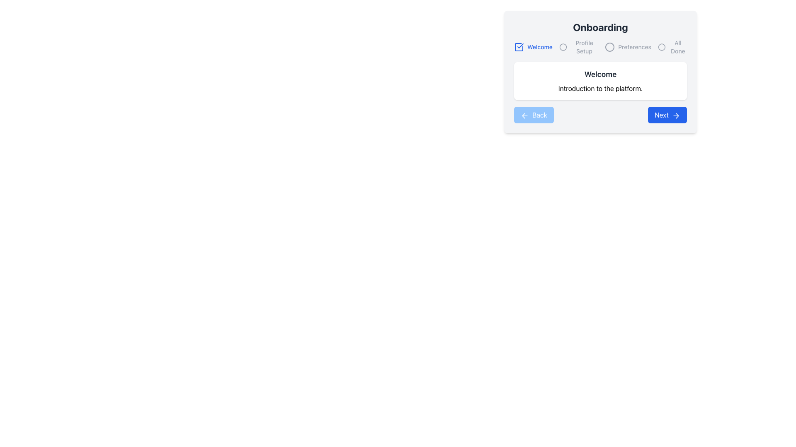  Describe the element at coordinates (628, 47) in the screenshot. I see `the 'Preferences' step indicator in the onboarding navigation step series, which is the third element under the 'Onboarding' heading` at that location.